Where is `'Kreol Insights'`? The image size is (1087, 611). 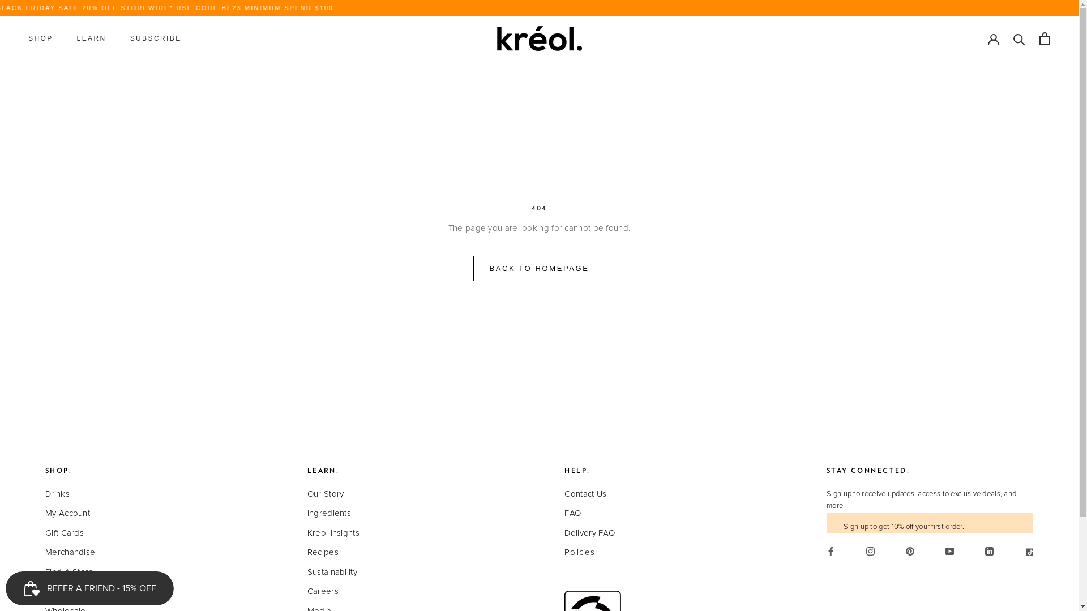 'Kreol Insights' is located at coordinates (307, 533).